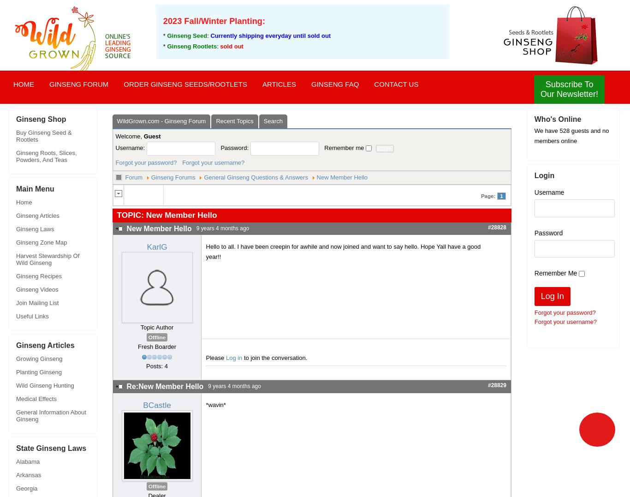 This screenshot has height=497, width=630. Describe the element at coordinates (16, 229) in the screenshot. I see `'Ginseng Laws'` at that location.